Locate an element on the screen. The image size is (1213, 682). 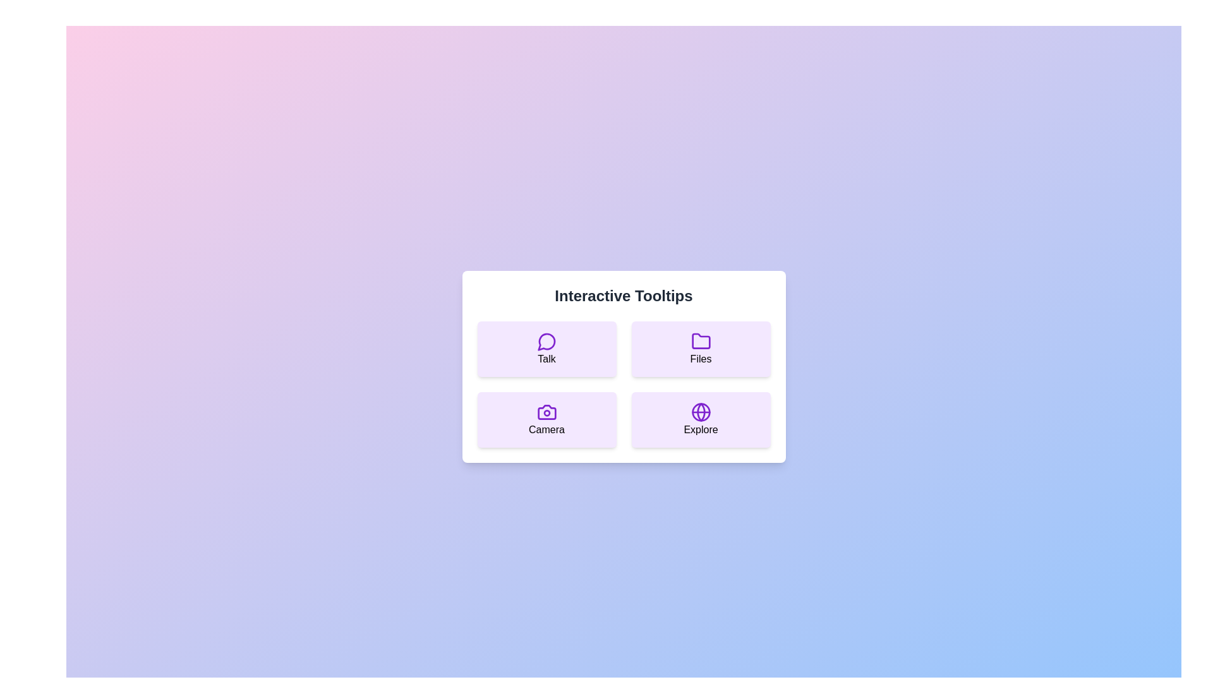
the communication icon located at the top-left of the tooltip options, above the text 'Talk' is located at coordinates (546, 341).